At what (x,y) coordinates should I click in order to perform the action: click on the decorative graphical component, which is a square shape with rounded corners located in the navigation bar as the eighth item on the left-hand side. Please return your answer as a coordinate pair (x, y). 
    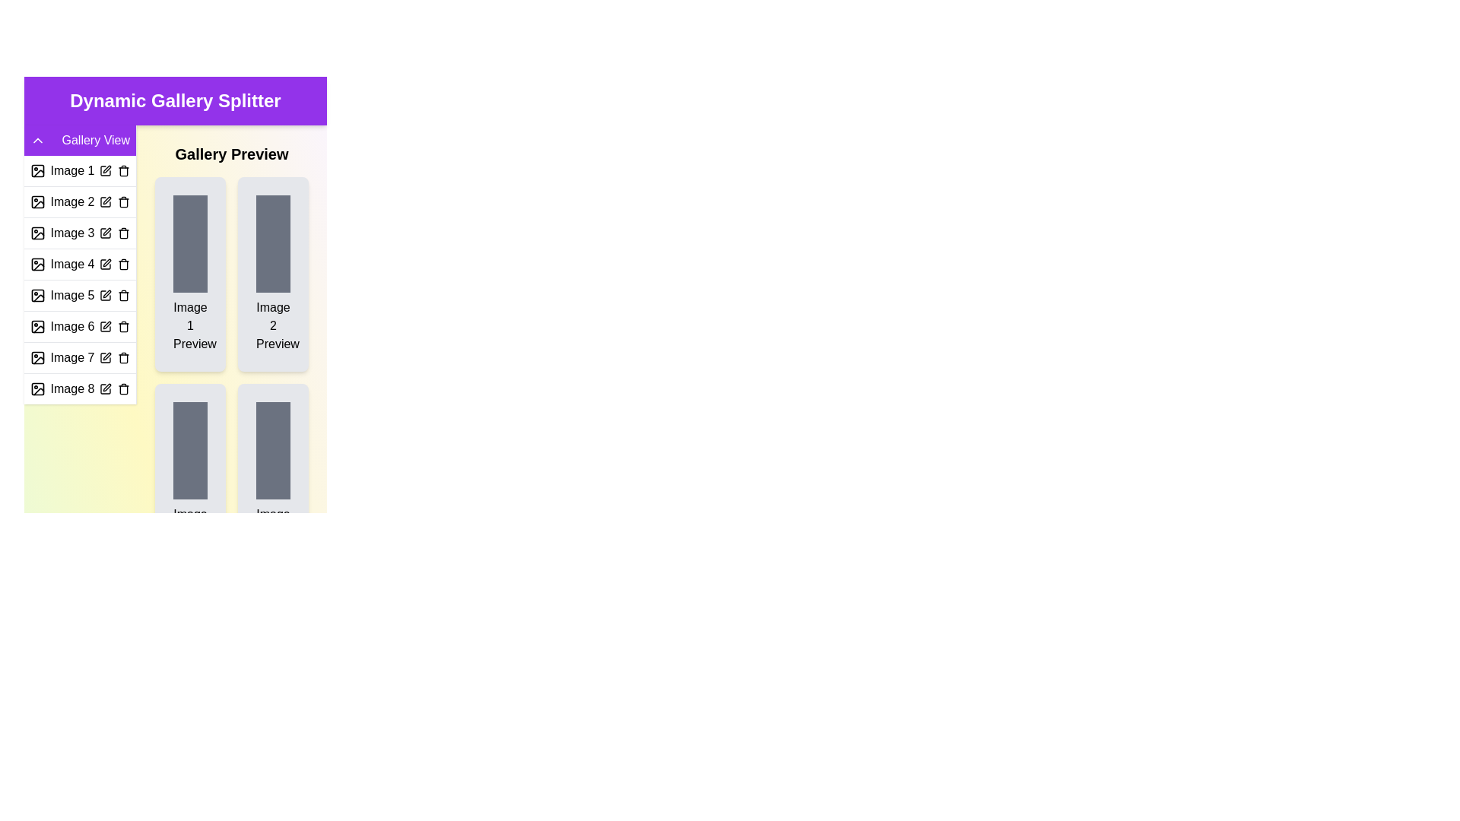
    Looking at the image, I should click on (37, 388).